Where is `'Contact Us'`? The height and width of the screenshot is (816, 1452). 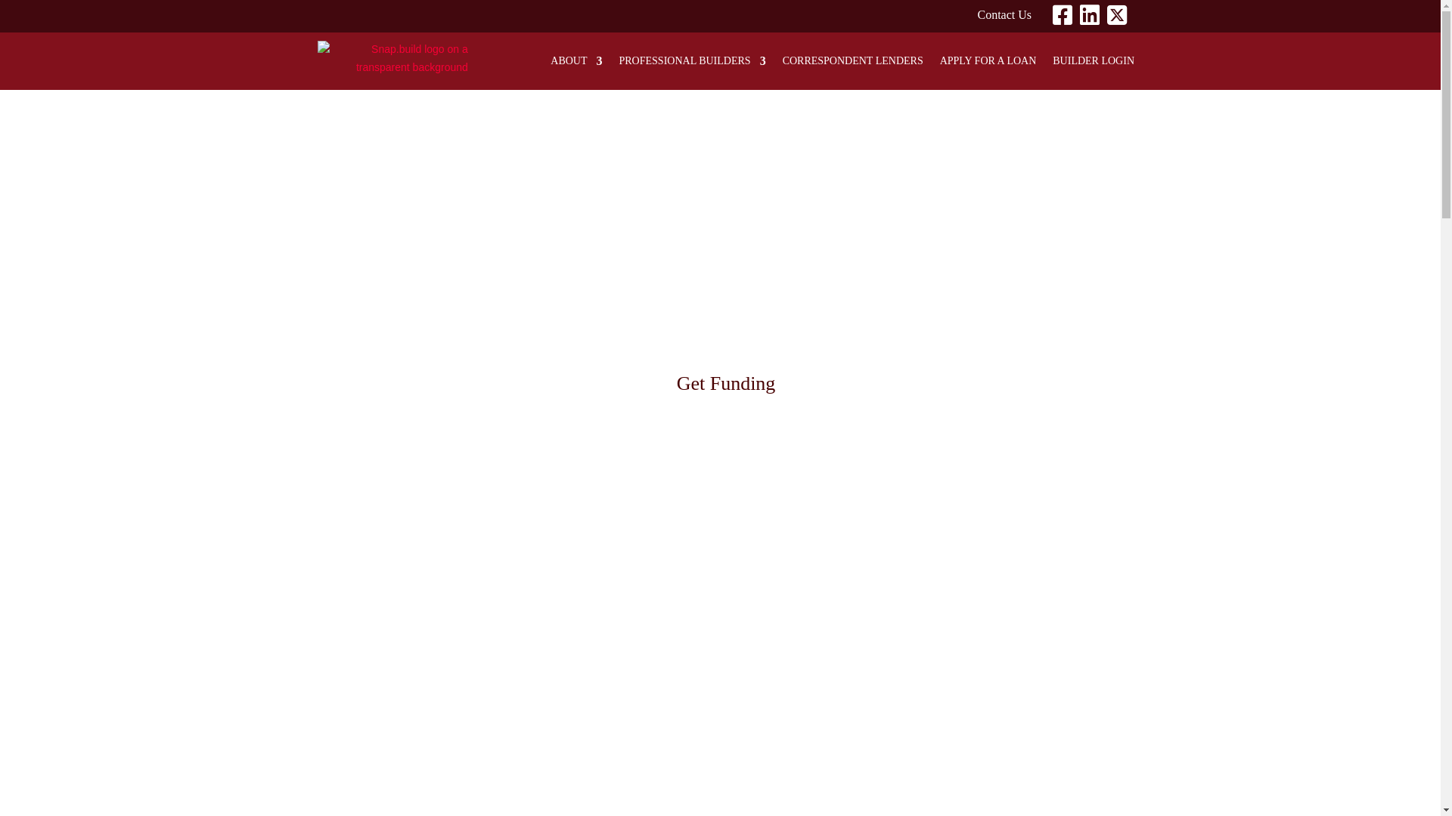 'Contact Us' is located at coordinates (1004, 17).